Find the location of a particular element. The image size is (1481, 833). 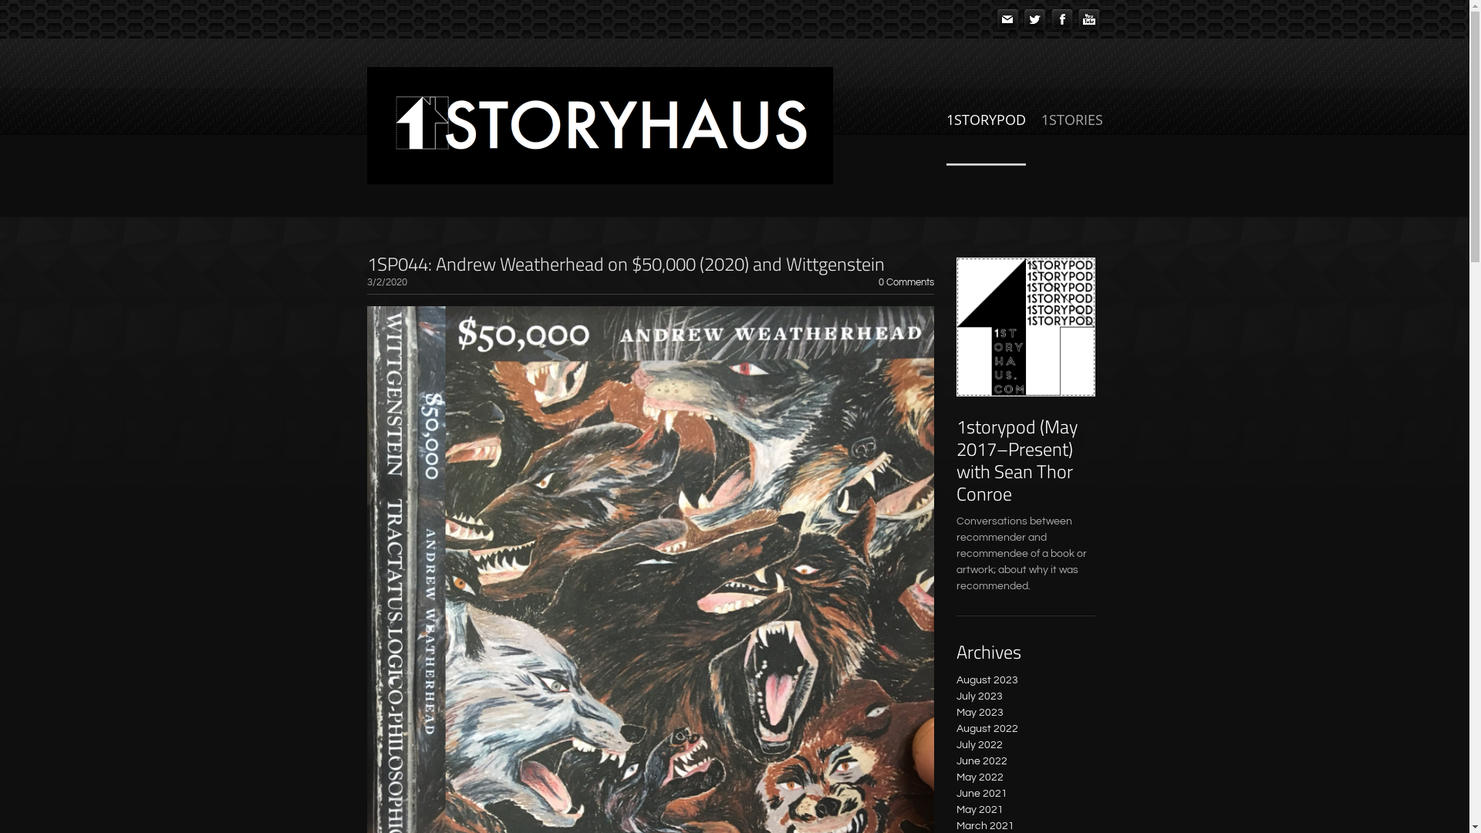

'0 Comments' is located at coordinates (906, 282).